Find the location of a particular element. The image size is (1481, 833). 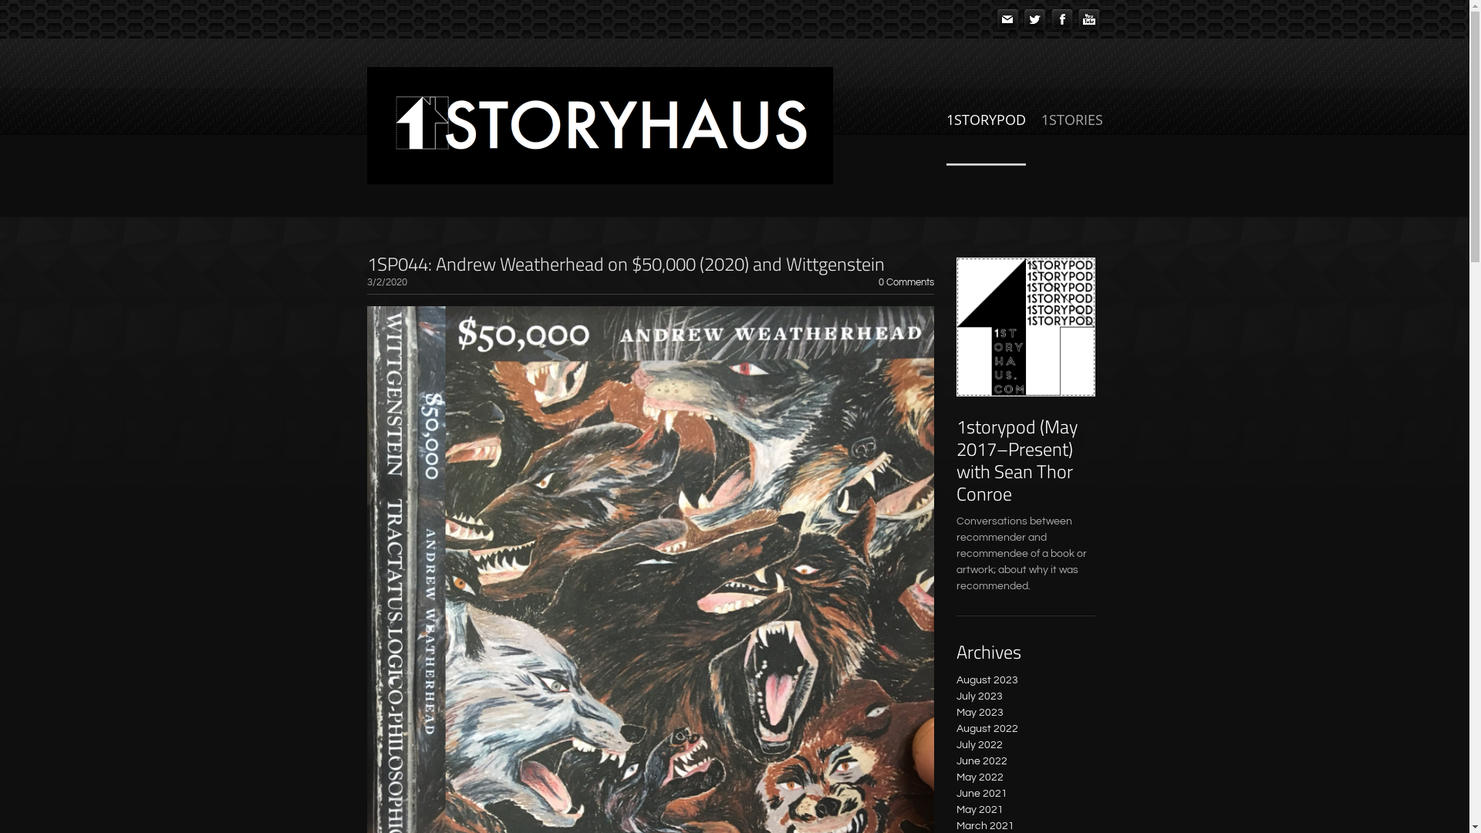

'0 Comments' is located at coordinates (906, 282).